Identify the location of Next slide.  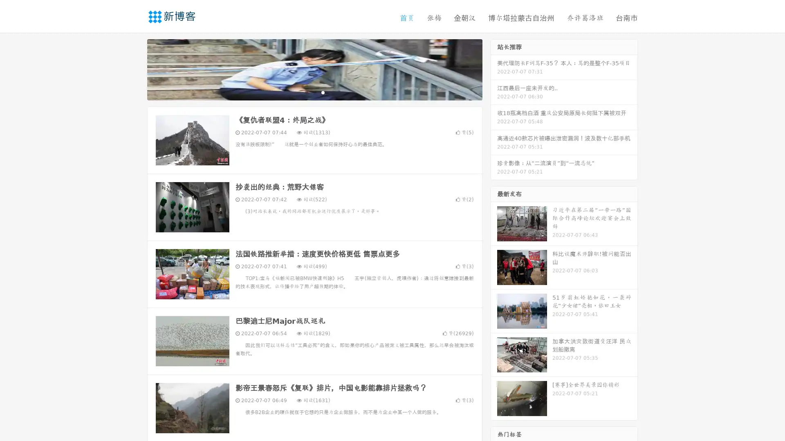
(494, 69).